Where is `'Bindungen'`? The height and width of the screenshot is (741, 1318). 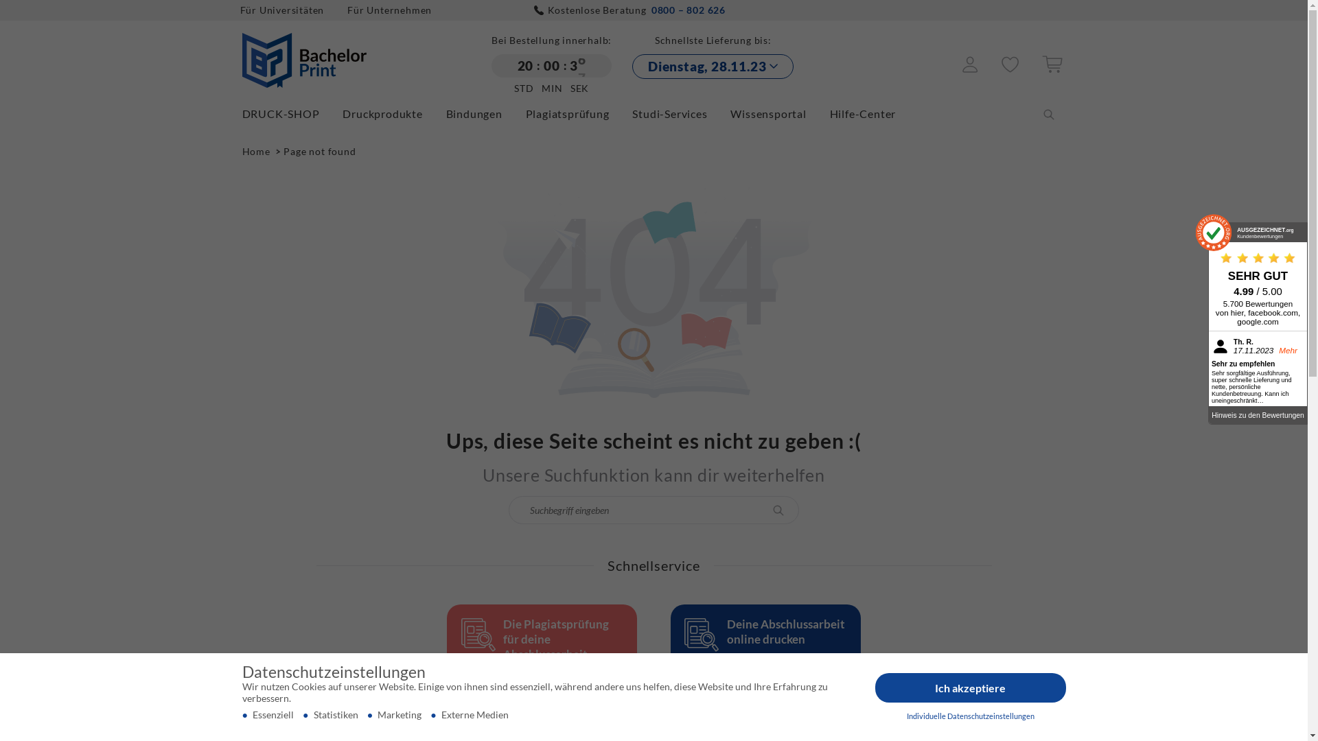 'Bindungen' is located at coordinates (484, 113).